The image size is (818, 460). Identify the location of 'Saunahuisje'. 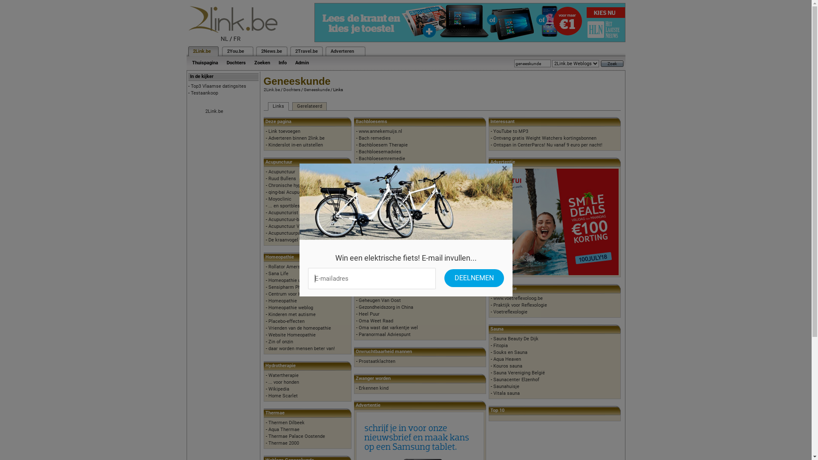
(493, 386).